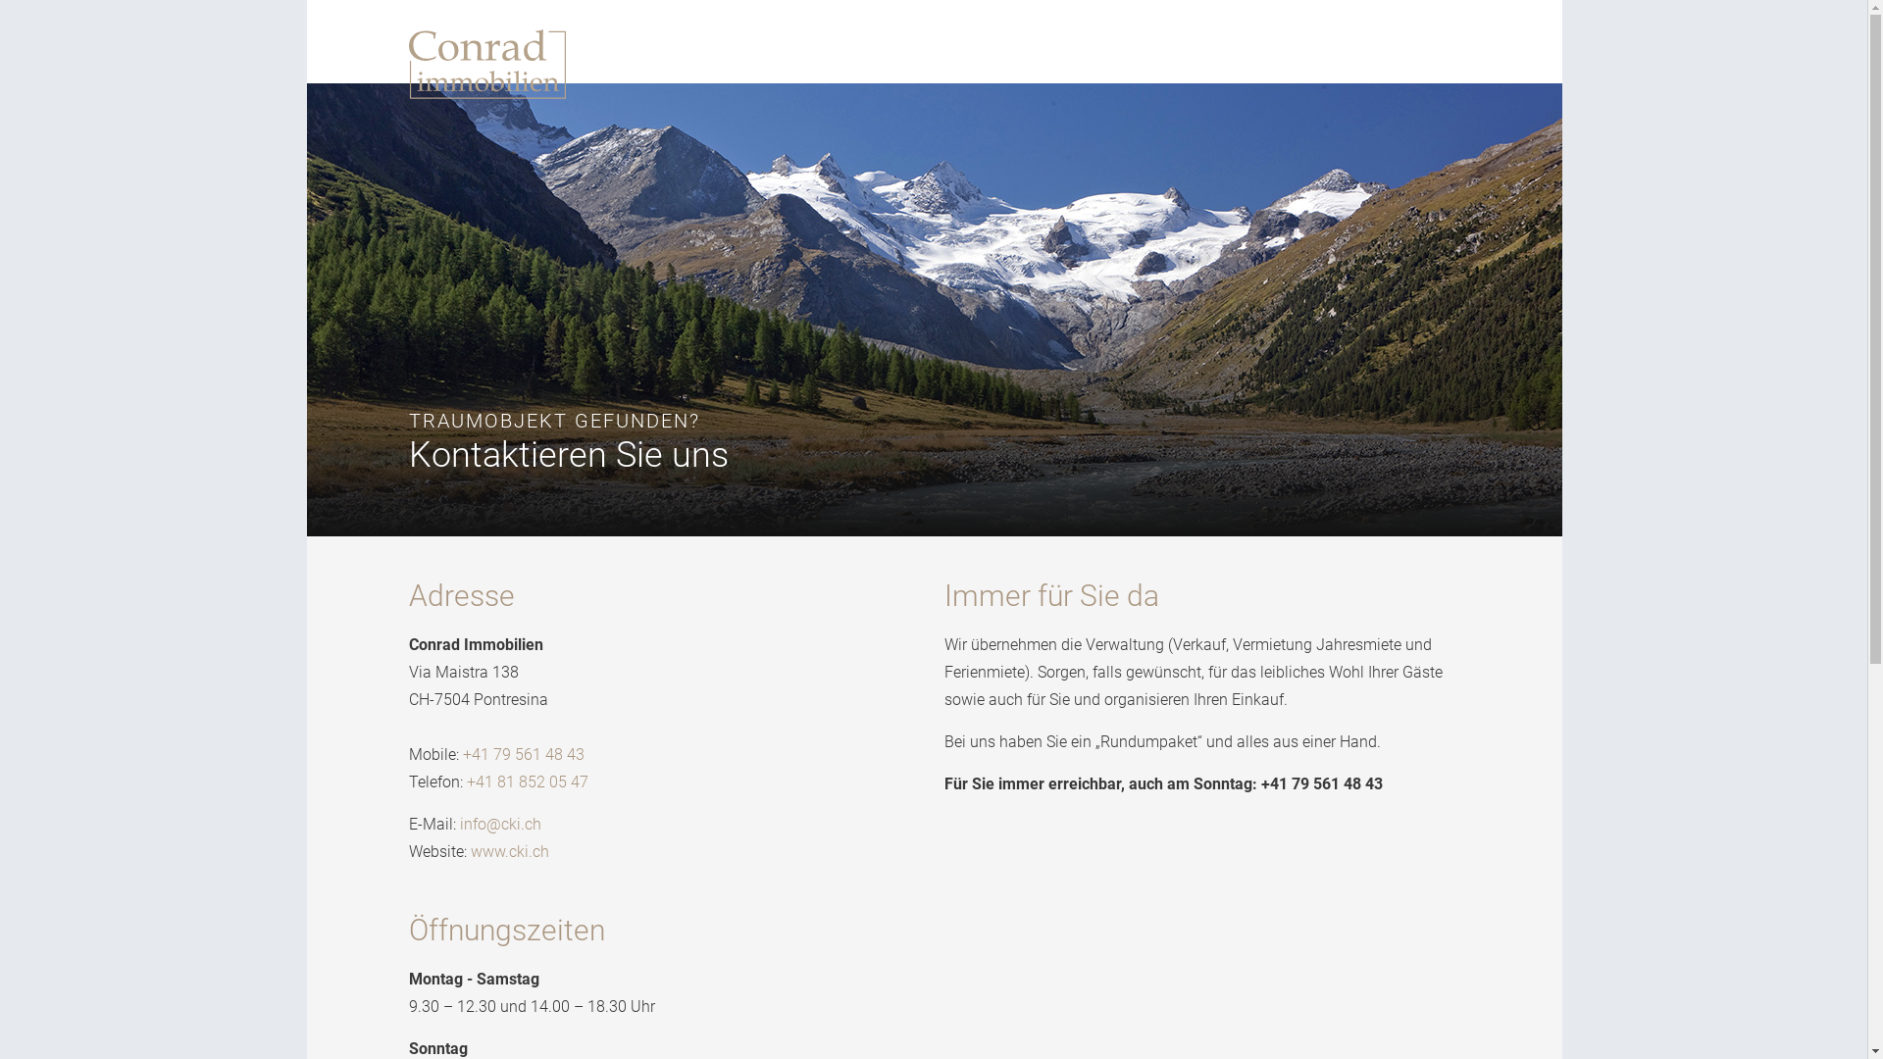 Image resolution: width=1883 pixels, height=1059 pixels. Describe the element at coordinates (500, 824) in the screenshot. I see `'info@cki.ch'` at that location.